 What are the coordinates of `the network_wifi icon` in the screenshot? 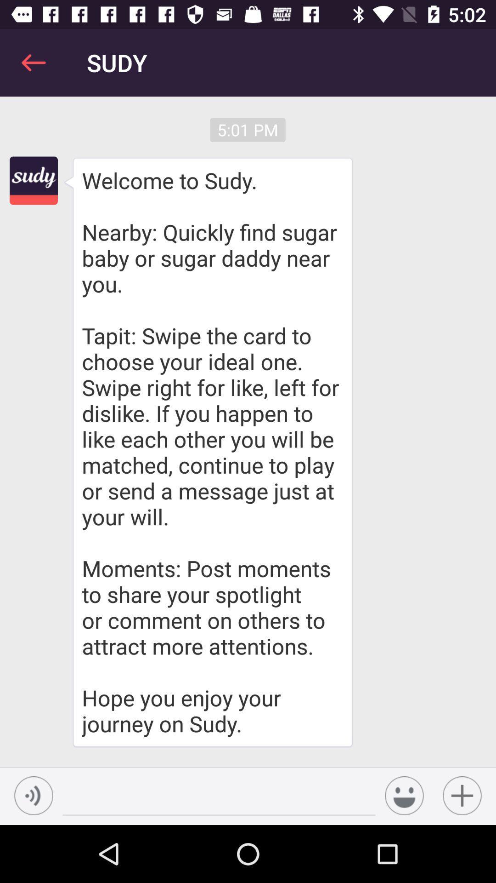 It's located at (33, 795).